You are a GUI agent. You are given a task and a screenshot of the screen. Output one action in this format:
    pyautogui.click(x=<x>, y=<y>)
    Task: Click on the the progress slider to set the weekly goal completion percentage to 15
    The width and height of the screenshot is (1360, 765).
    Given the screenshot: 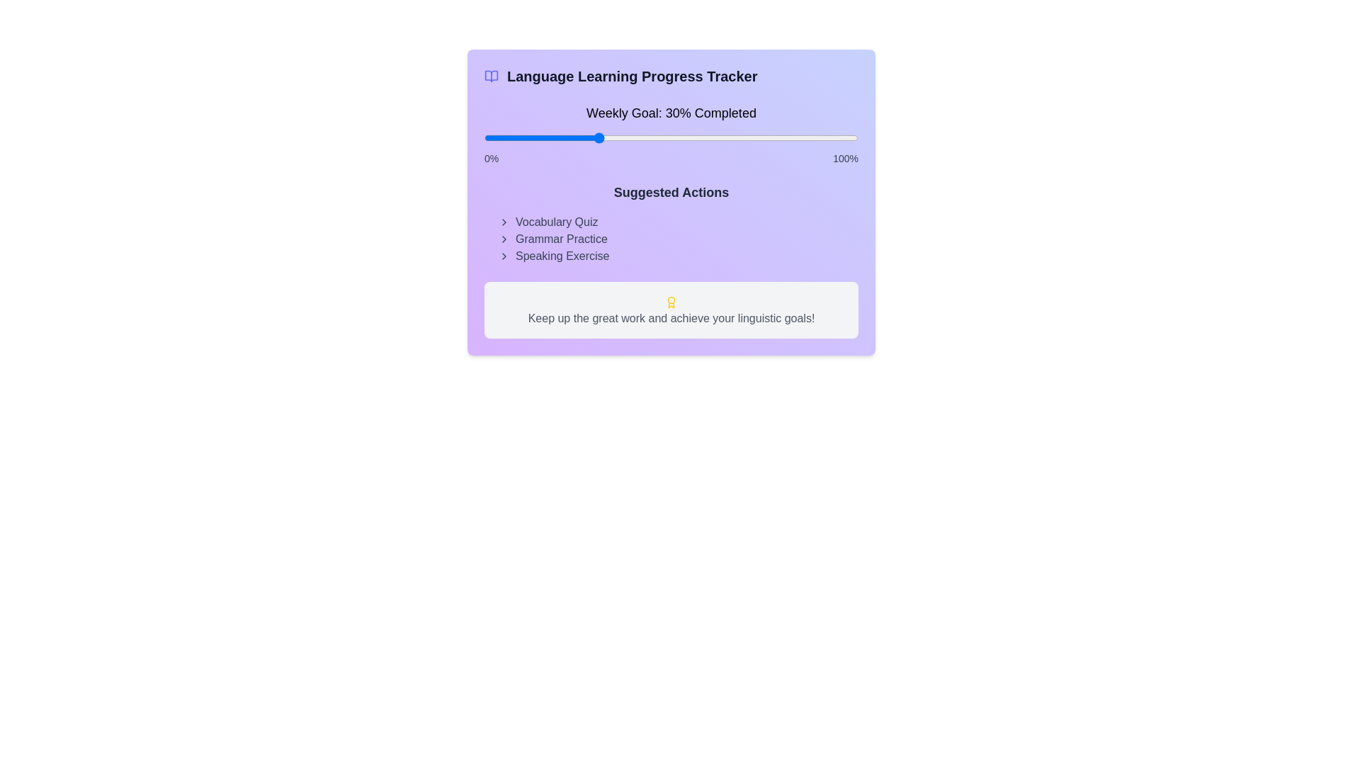 What is the action you would take?
    pyautogui.click(x=540, y=138)
    